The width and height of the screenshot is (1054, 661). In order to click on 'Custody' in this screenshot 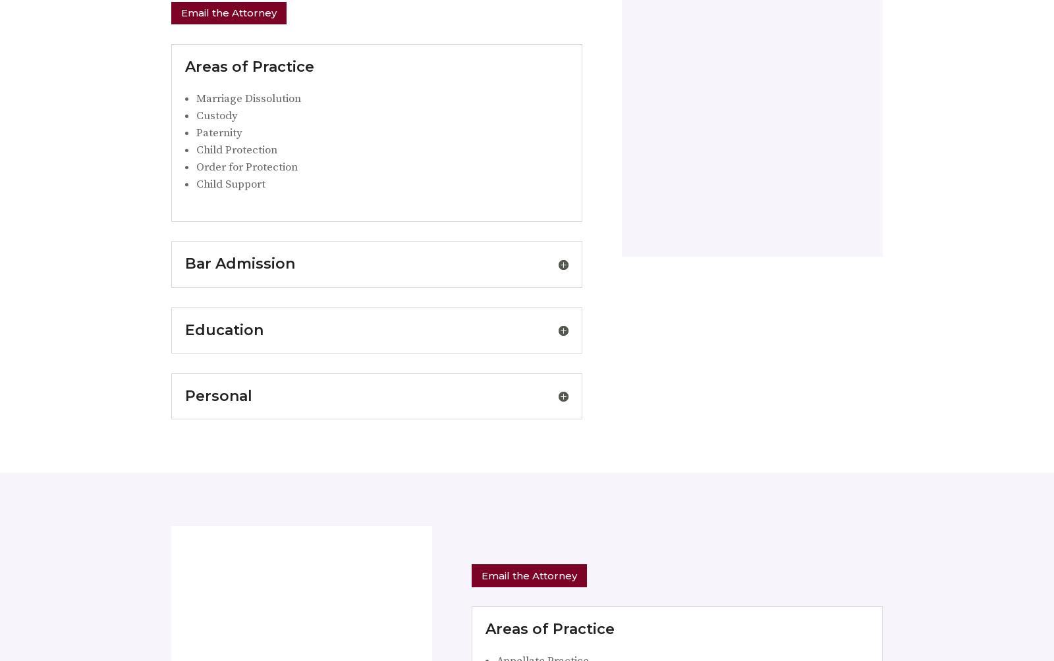, I will do `click(217, 114)`.